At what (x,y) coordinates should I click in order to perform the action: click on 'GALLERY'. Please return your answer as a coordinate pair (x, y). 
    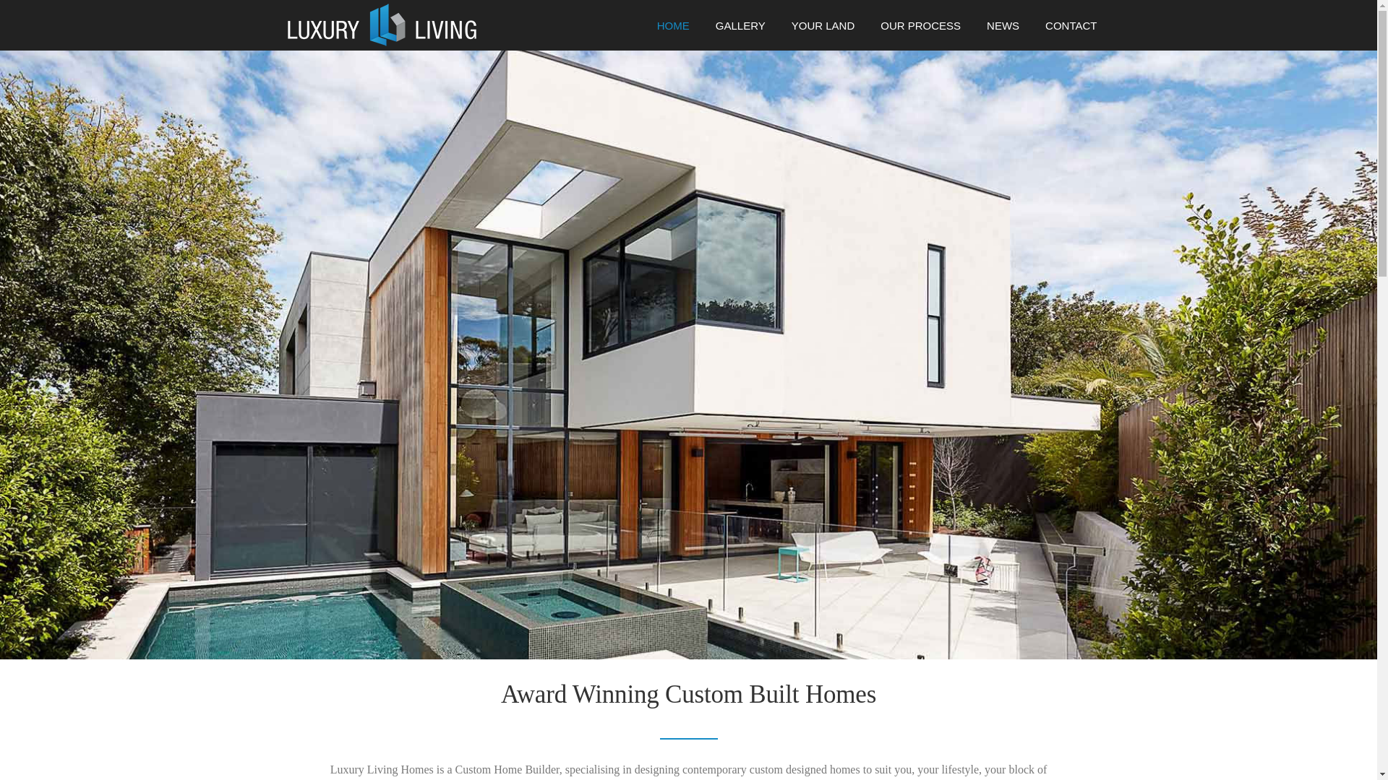
    Looking at the image, I should click on (702, 31).